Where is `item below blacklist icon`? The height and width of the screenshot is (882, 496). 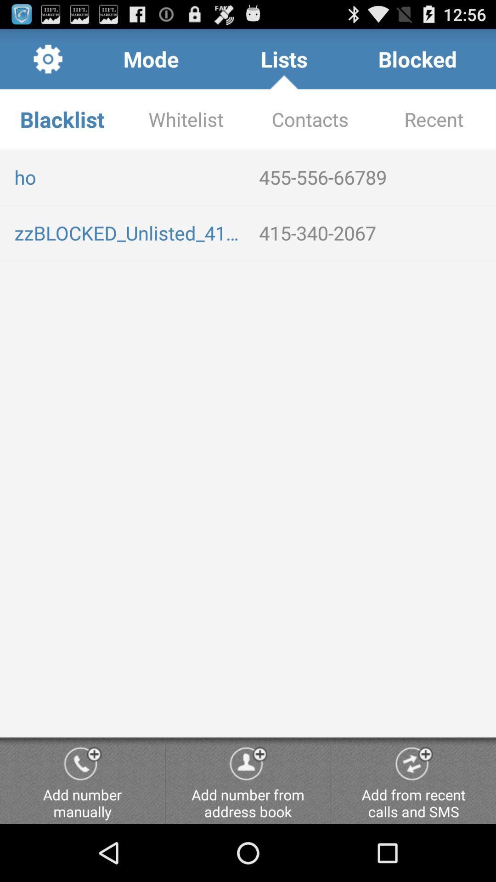 item below blacklist icon is located at coordinates (129, 177).